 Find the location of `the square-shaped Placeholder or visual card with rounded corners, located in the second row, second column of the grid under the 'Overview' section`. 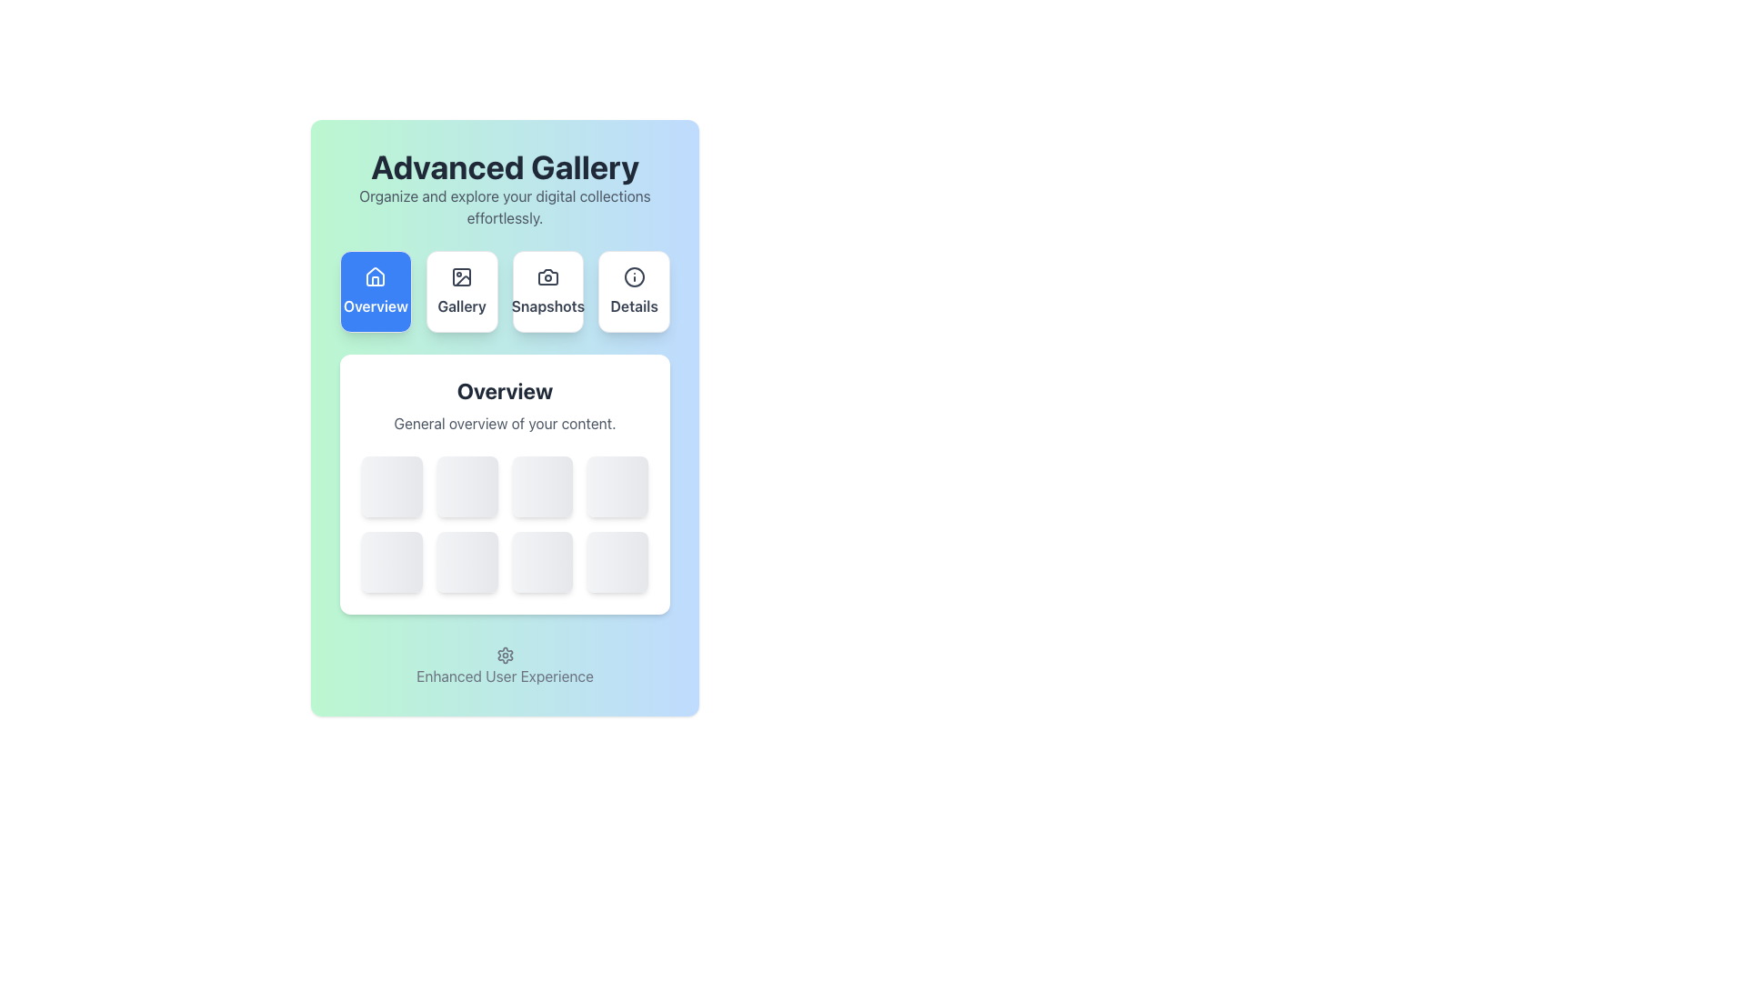

the square-shaped Placeholder or visual card with rounded corners, located in the second row, second column of the grid under the 'Overview' section is located at coordinates (467, 561).